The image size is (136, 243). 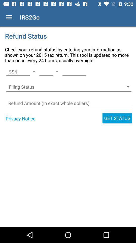 What do you see at coordinates (9, 17) in the screenshot?
I see `icon to the left of irs2go item` at bounding box center [9, 17].